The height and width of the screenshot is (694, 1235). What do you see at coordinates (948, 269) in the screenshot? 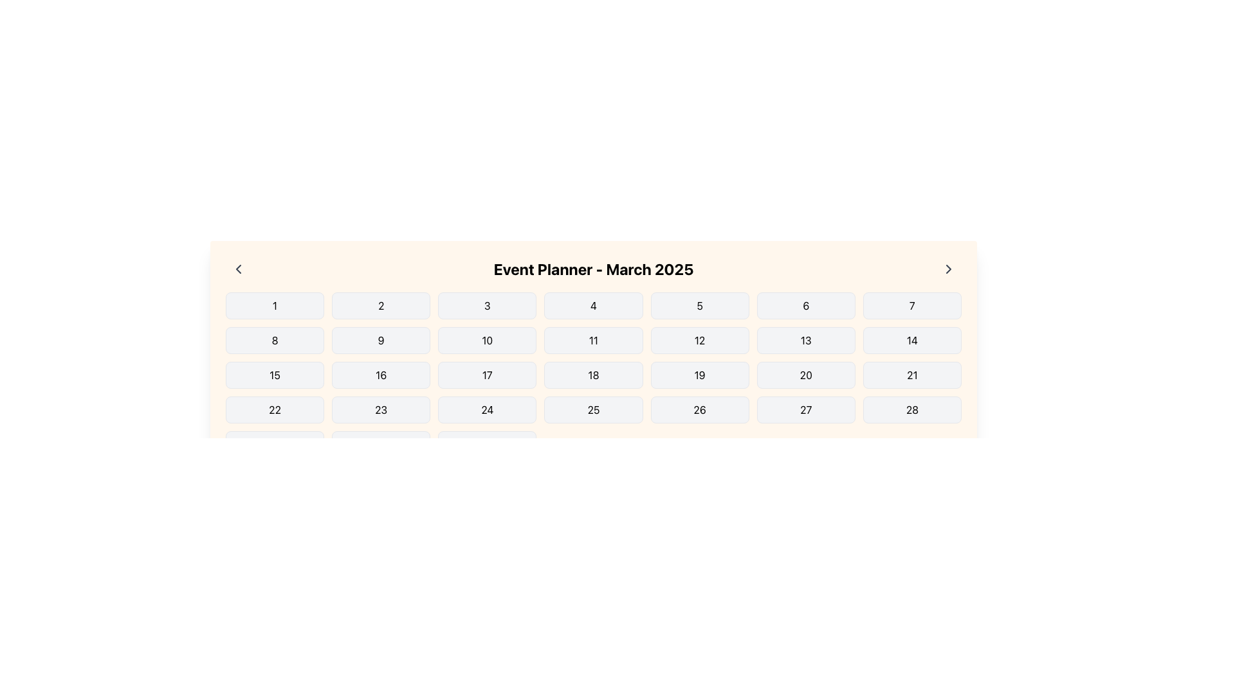
I see `the navigation button located in the top-right corner of the calendar interface, next to 'Event Planner - March 2025'` at bounding box center [948, 269].